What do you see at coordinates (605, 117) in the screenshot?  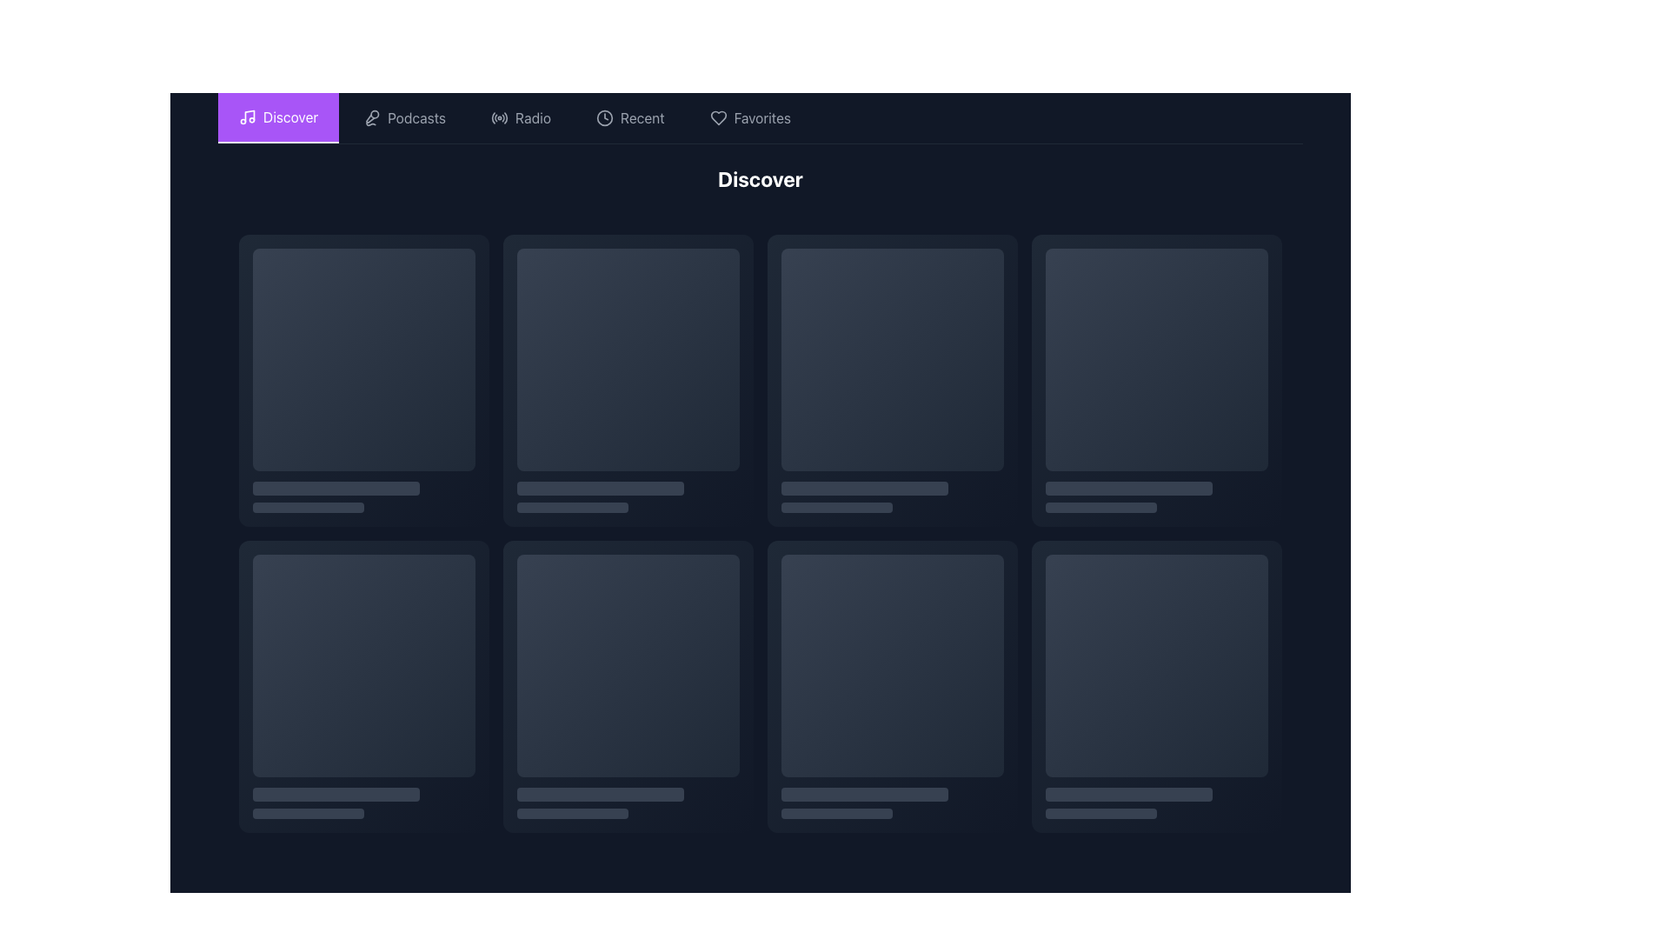 I see `the clock-like icon in the 'Recent' navigation menu, which is positioned between the 'Recent' label and the navigation items` at bounding box center [605, 117].